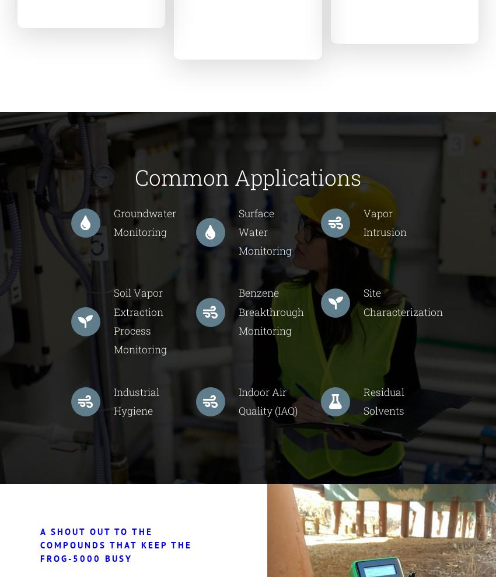 This screenshot has width=496, height=577. What do you see at coordinates (135, 401) in the screenshot?
I see `'Industrial Hygiene'` at bounding box center [135, 401].